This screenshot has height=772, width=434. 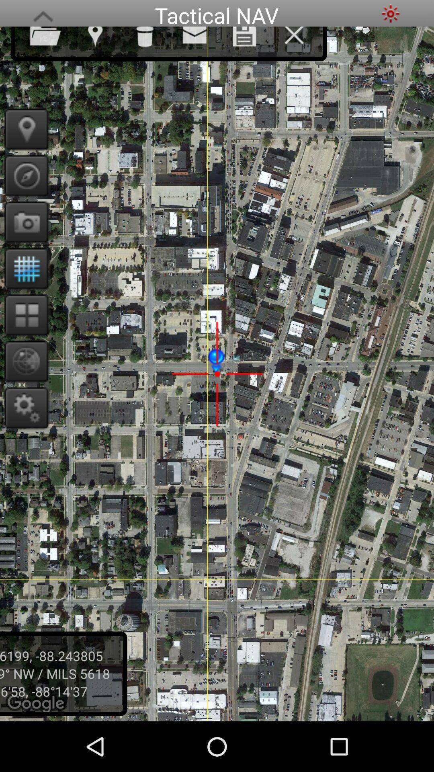 I want to click on the item to the right of the tactical nav item, so click(x=390, y=13).